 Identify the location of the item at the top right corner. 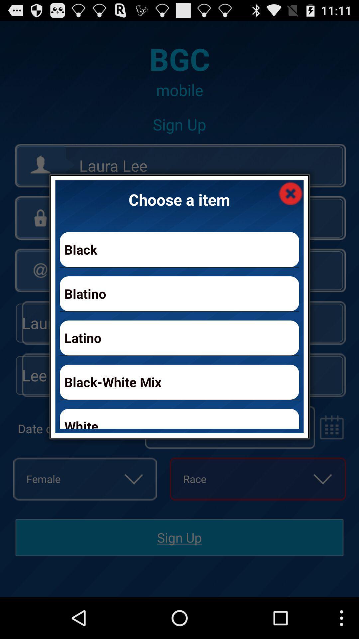
(290, 193).